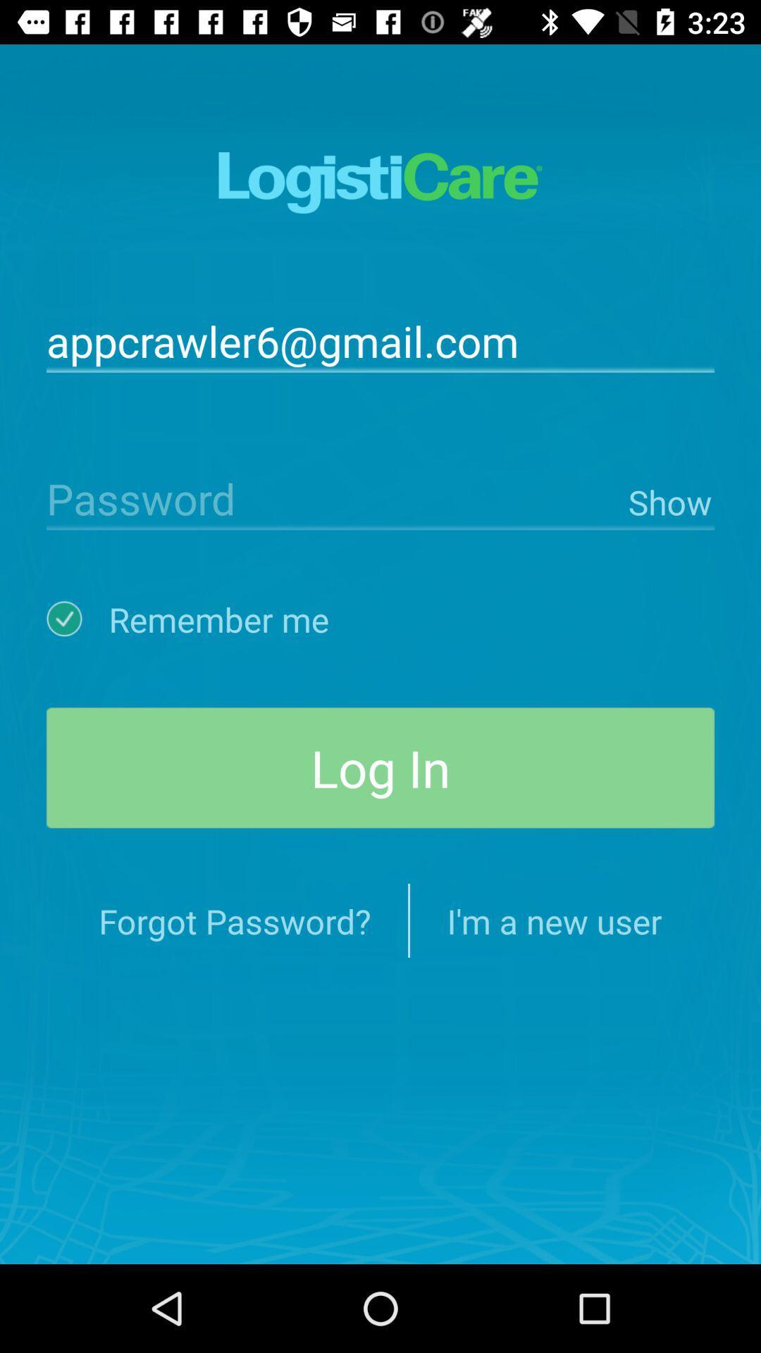  What do you see at coordinates (554, 920) in the screenshot?
I see `the icon at the bottom right corner` at bounding box center [554, 920].